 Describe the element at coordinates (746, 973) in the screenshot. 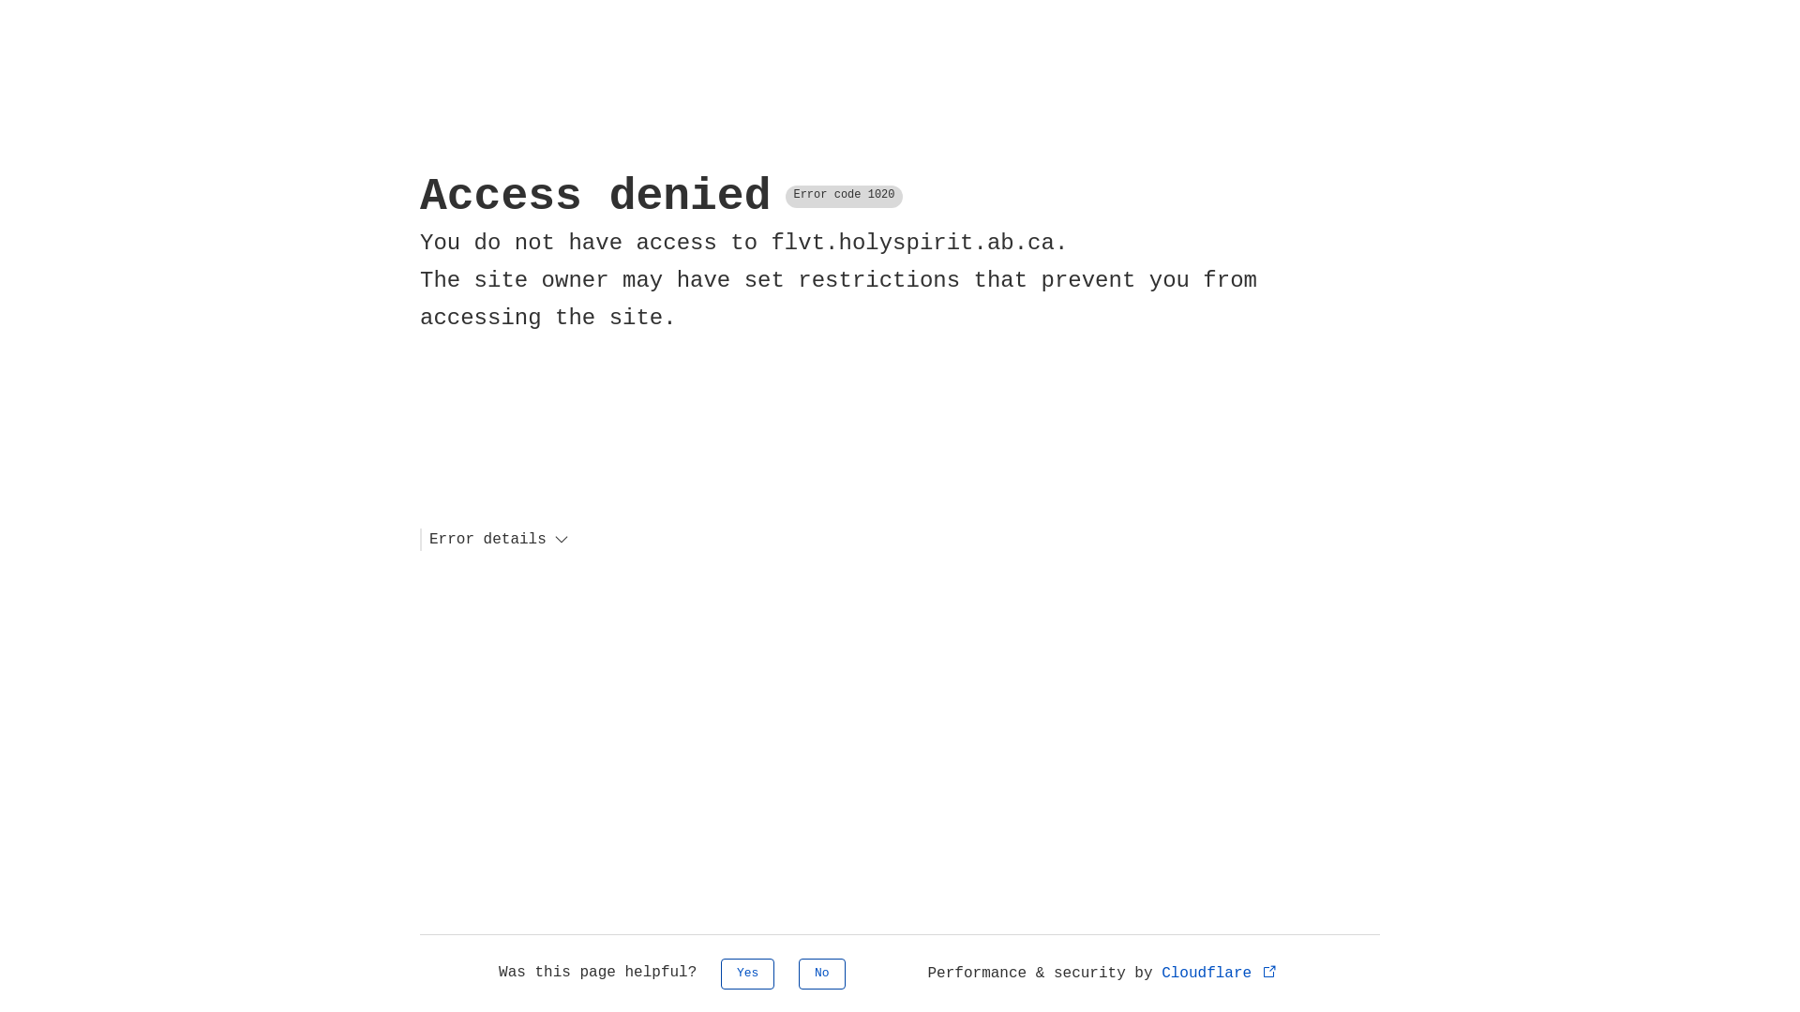

I see `'Yes'` at that location.